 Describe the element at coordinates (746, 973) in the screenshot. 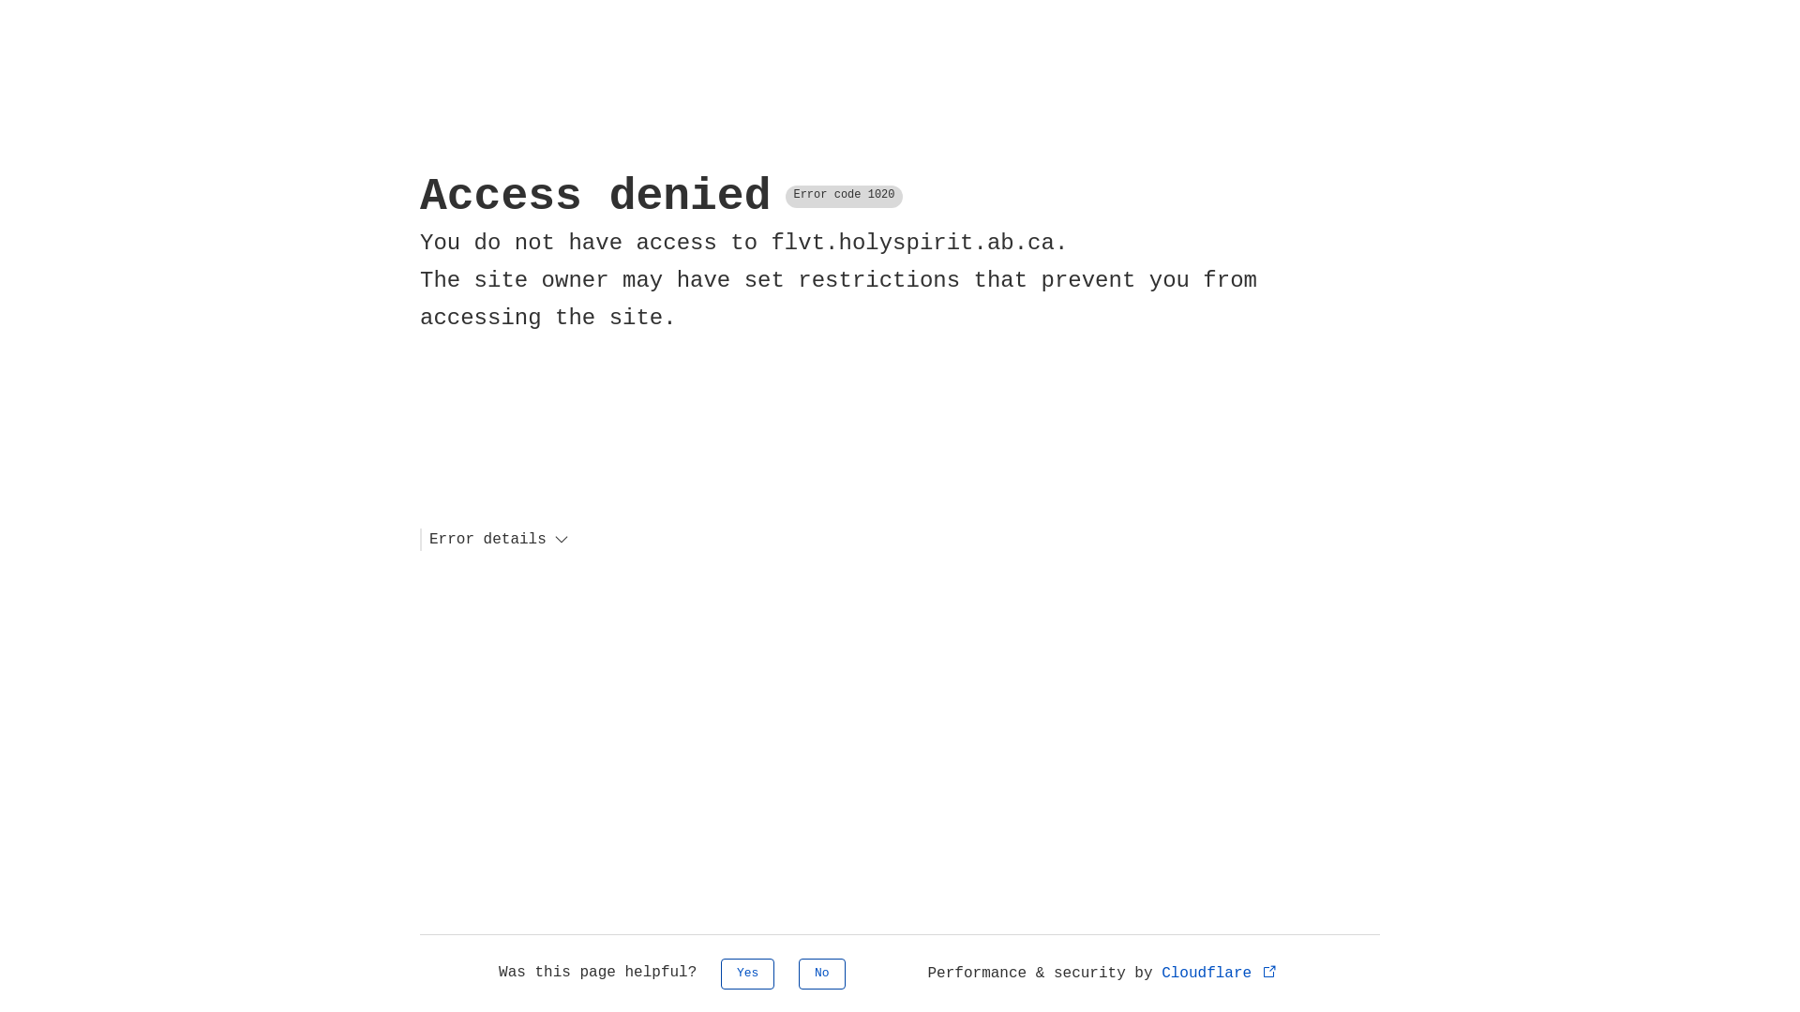

I see `'Yes'` at that location.